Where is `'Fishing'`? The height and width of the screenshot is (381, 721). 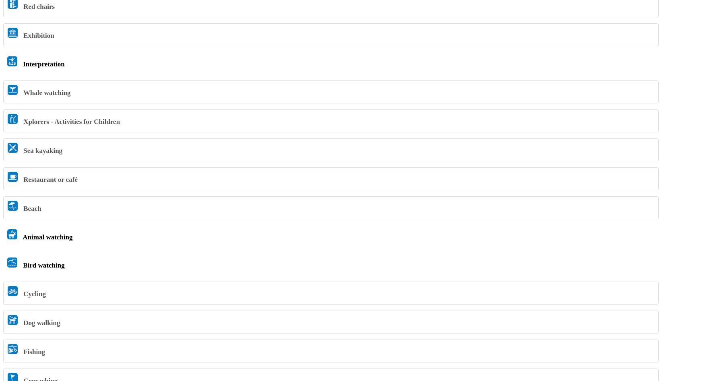 'Fishing' is located at coordinates (21, 351).